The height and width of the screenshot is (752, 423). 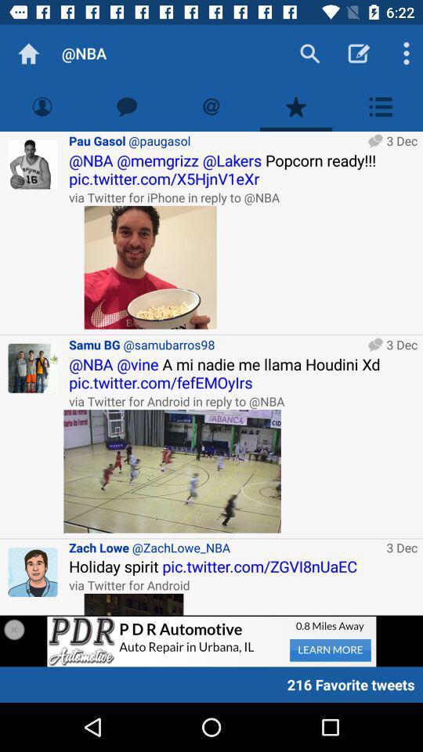 What do you see at coordinates (172, 470) in the screenshot?
I see `icon below via twitter for icon` at bounding box center [172, 470].